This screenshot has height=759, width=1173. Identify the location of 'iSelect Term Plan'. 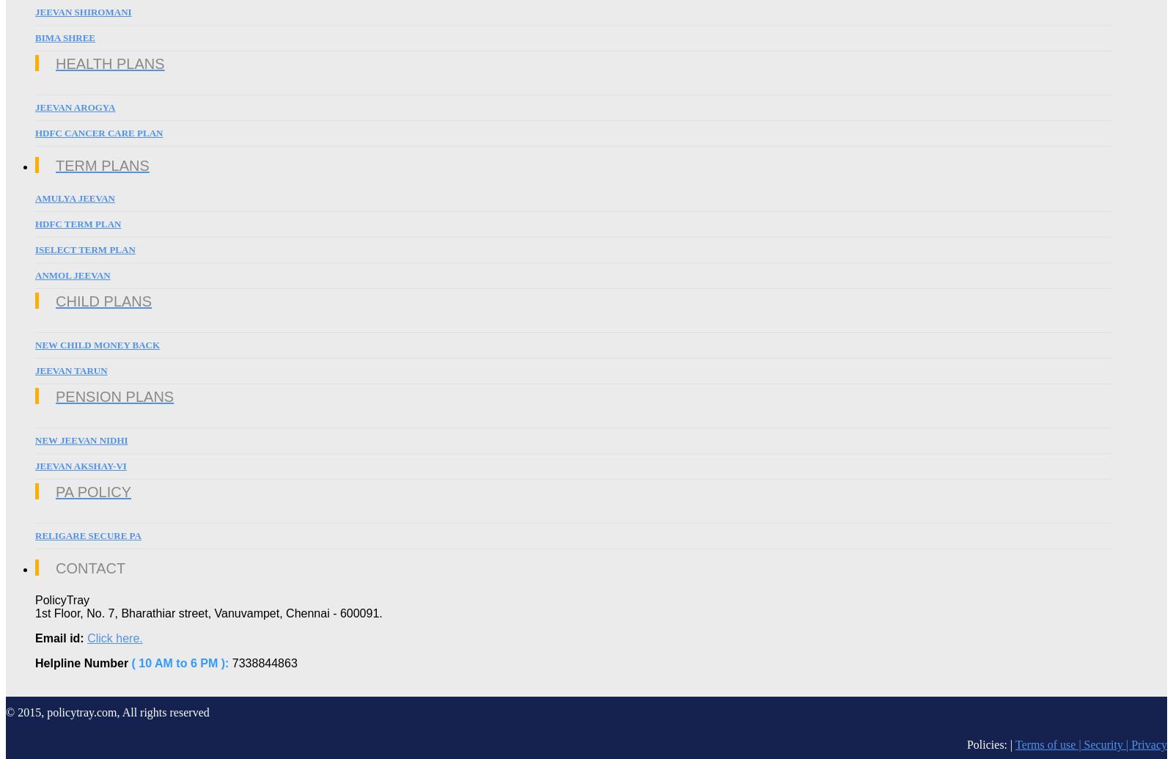
(84, 249).